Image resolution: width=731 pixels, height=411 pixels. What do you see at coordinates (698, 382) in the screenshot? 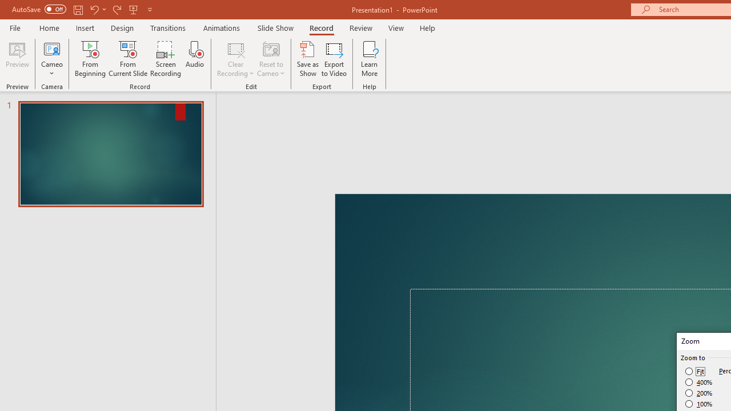
I see `'400%'` at bounding box center [698, 382].